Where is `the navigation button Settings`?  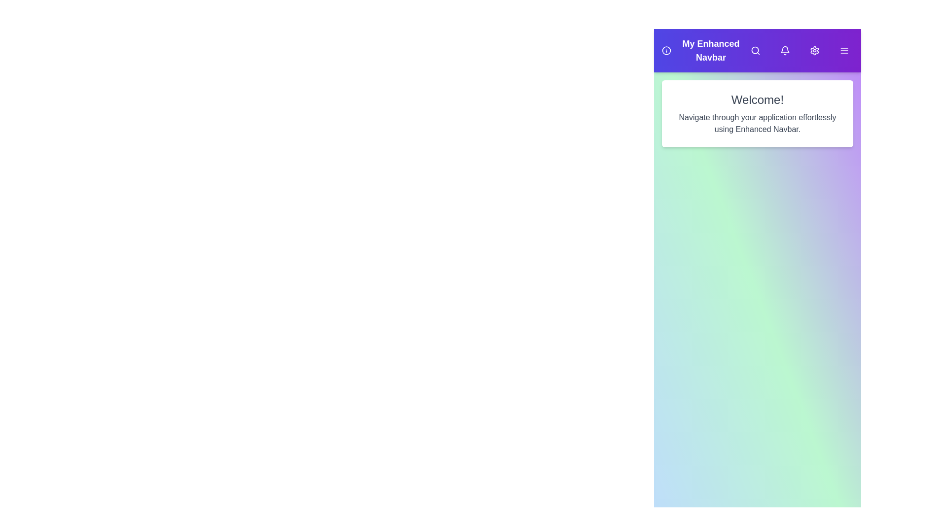
the navigation button Settings is located at coordinates (814, 51).